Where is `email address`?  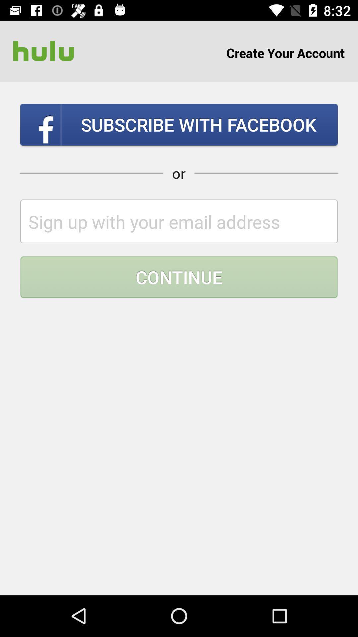
email address is located at coordinates (179, 221).